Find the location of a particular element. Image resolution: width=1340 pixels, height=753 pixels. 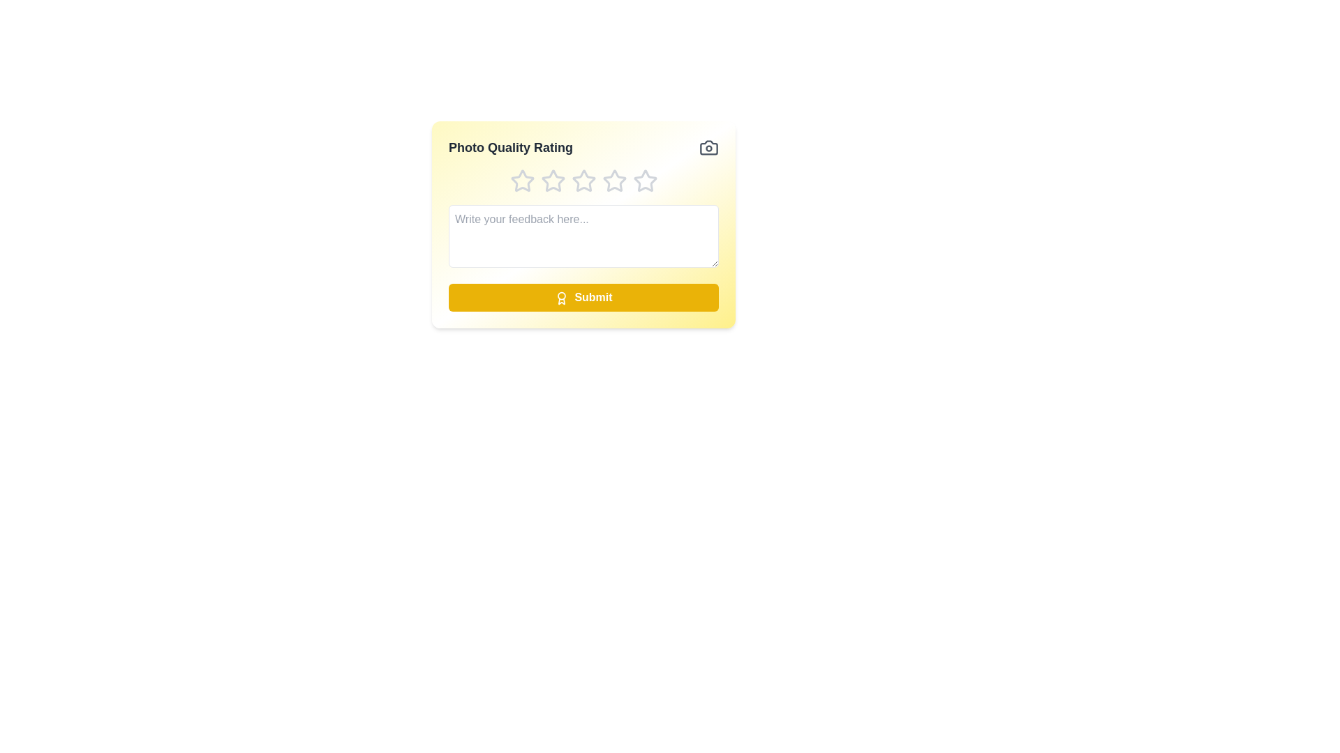

the star corresponding to the rating 1 is located at coordinates (521, 180).